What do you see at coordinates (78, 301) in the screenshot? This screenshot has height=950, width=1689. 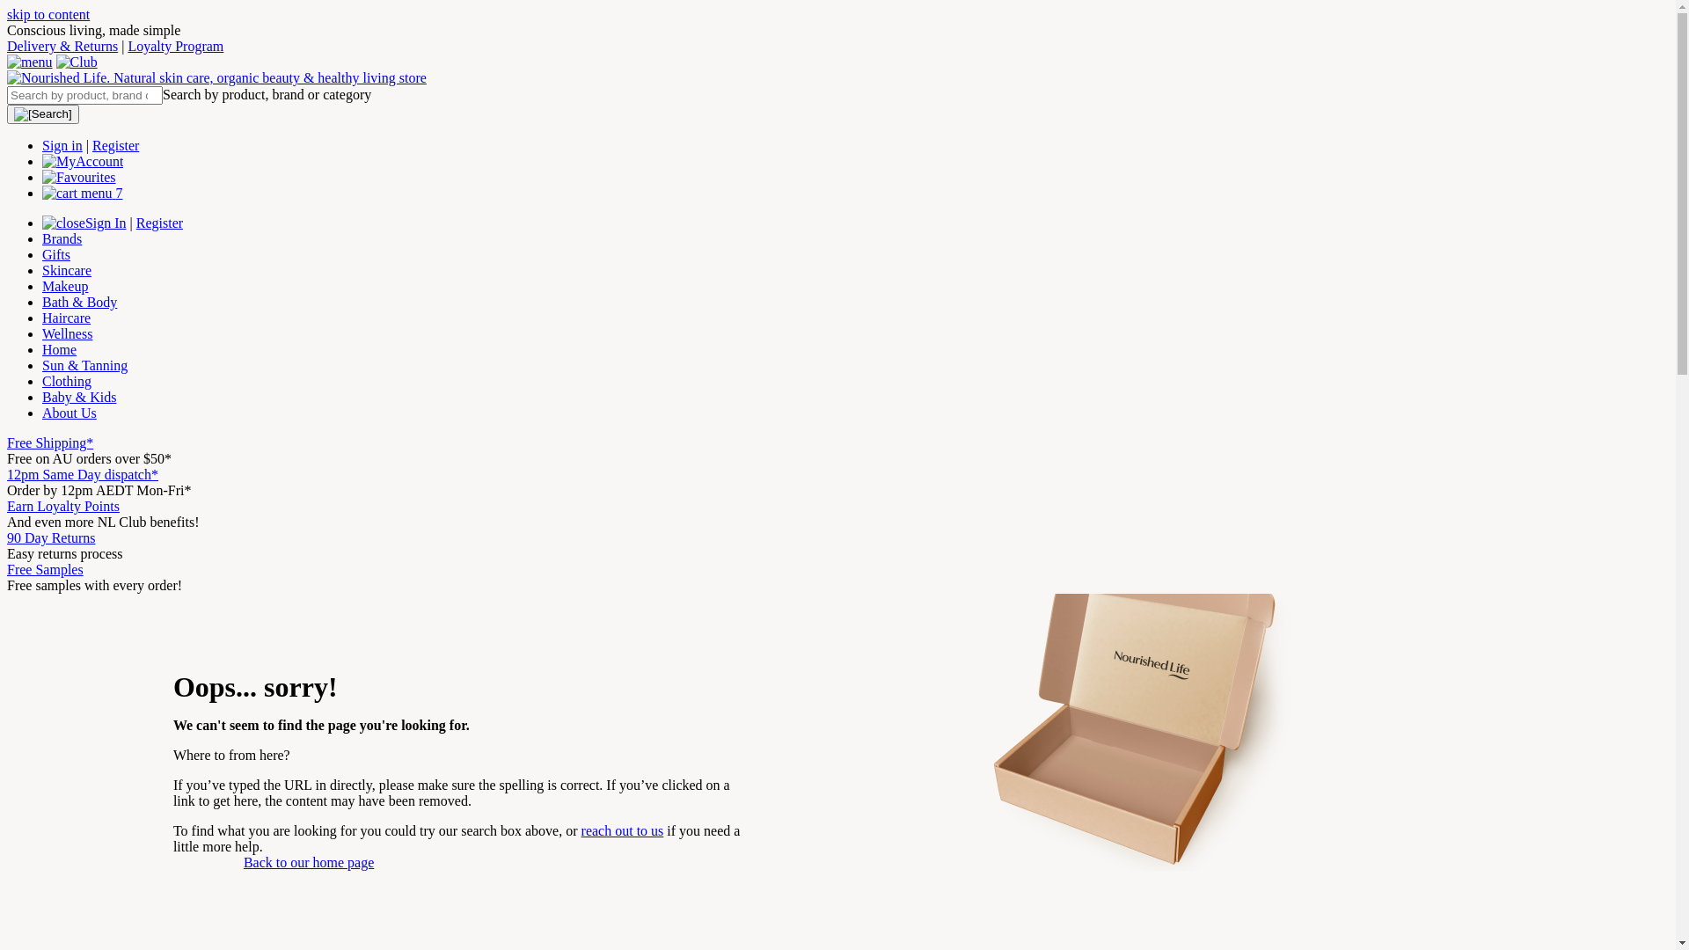 I see `'Bath & Body'` at bounding box center [78, 301].